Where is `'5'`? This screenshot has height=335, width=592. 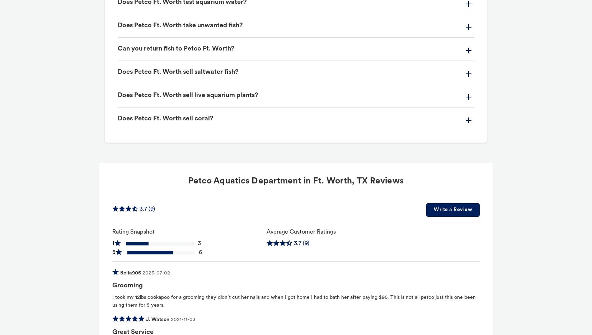 '5' is located at coordinates (112, 252).